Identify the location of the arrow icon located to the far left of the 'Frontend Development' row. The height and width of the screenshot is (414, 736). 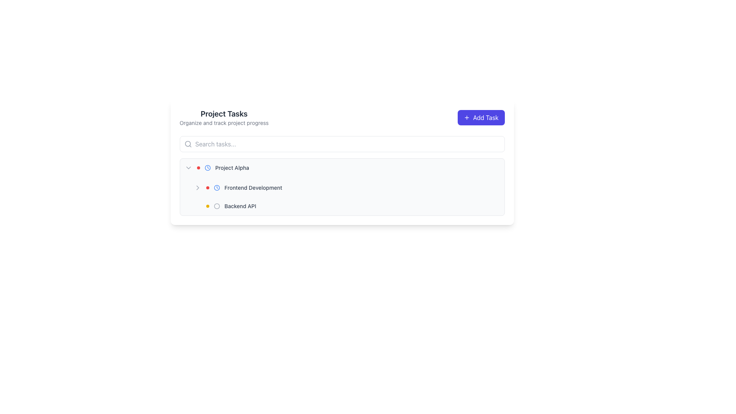
(197, 187).